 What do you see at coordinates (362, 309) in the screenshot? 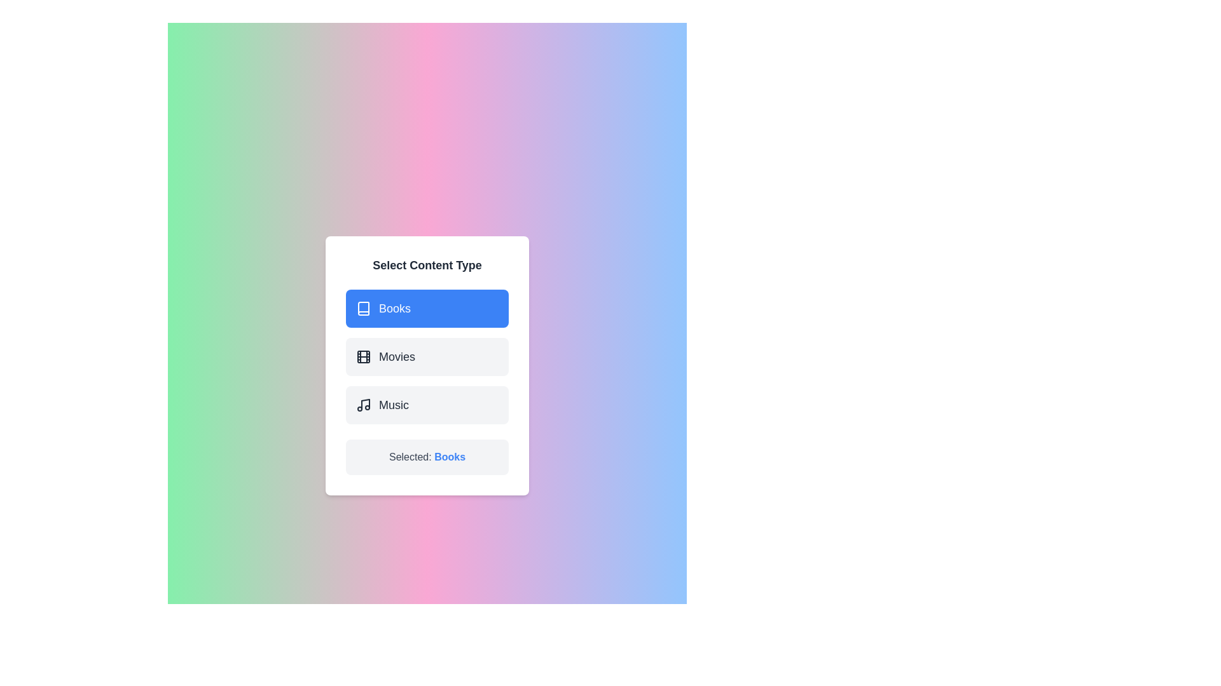
I see `the small book icon positioned to the left of the 'Books' text, which is part of a selectable option with a blue background` at bounding box center [362, 309].